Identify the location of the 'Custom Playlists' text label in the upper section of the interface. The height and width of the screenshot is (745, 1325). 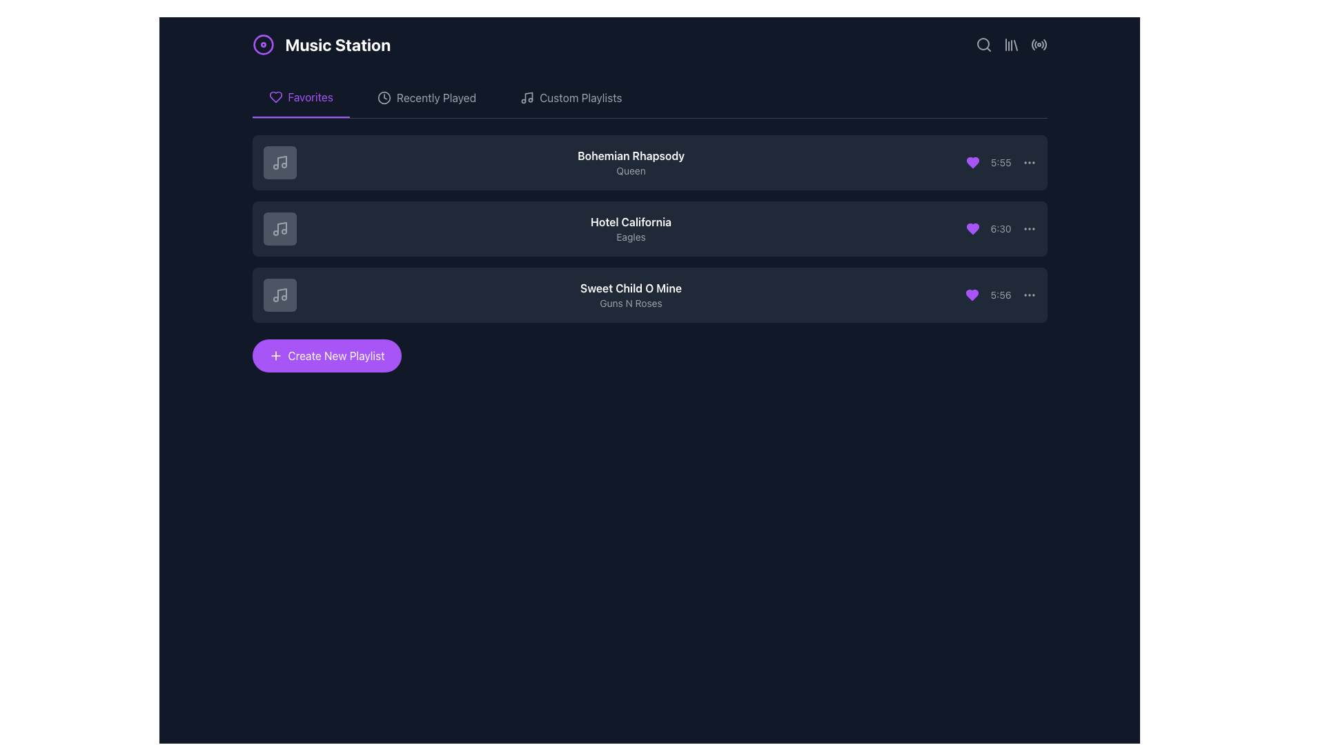
(580, 97).